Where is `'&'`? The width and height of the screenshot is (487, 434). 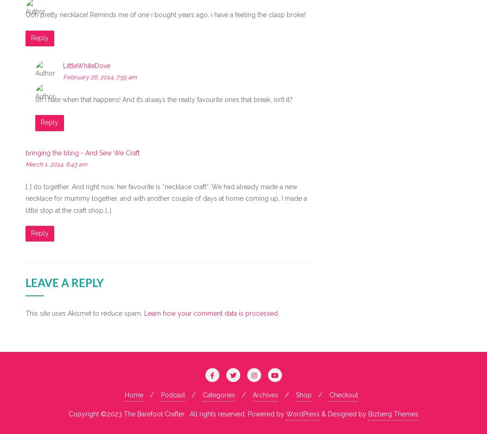 '&' is located at coordinates (325, 413).